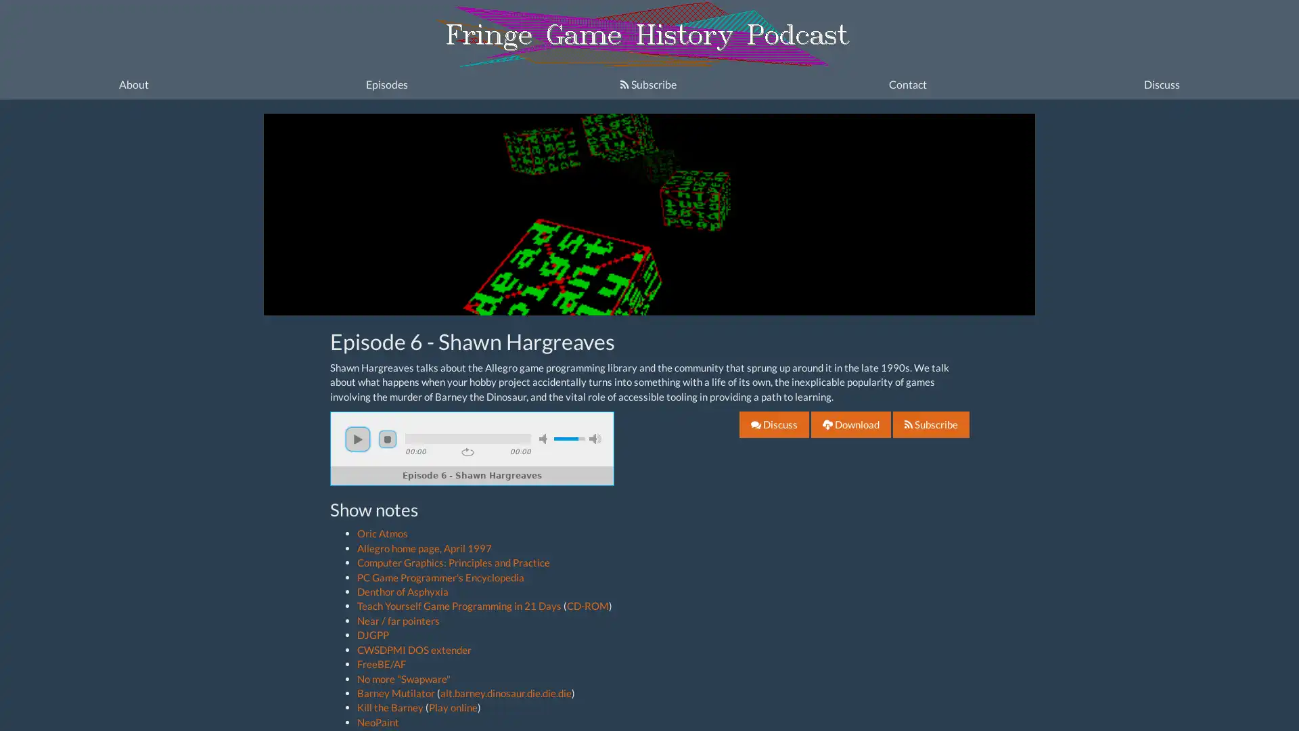 The height and width of the screenshot is (731, 1299). I want to click on mute, so click(545, 438).